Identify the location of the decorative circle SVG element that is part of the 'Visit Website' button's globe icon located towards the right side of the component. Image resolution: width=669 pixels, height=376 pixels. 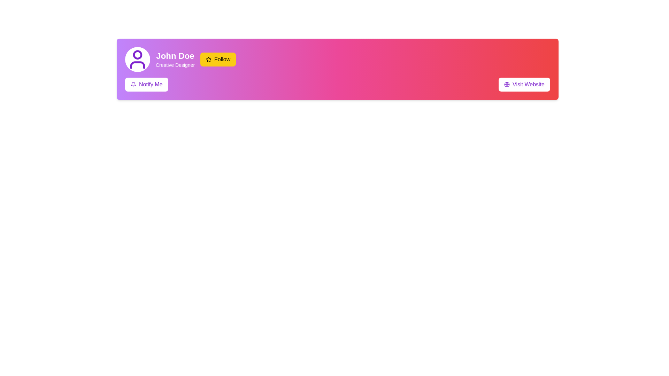
(507, 84).